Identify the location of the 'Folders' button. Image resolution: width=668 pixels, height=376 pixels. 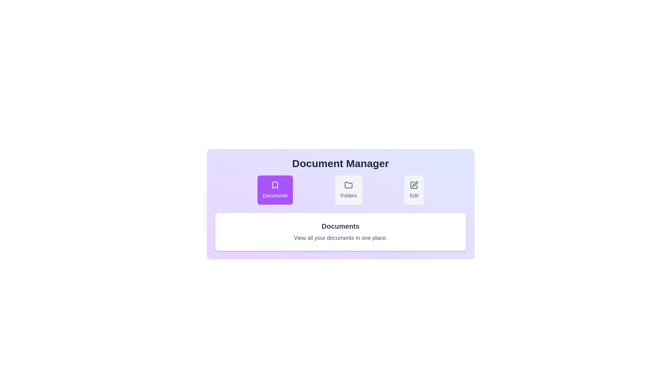
(349, 190).